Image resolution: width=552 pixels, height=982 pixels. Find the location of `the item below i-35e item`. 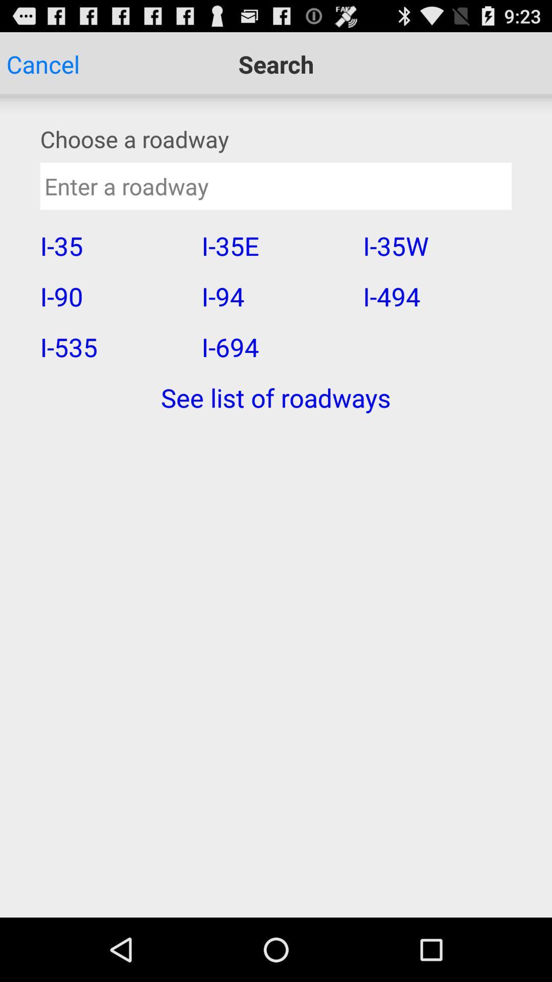

the item below i-35e item is located at coordinates (275, 296).